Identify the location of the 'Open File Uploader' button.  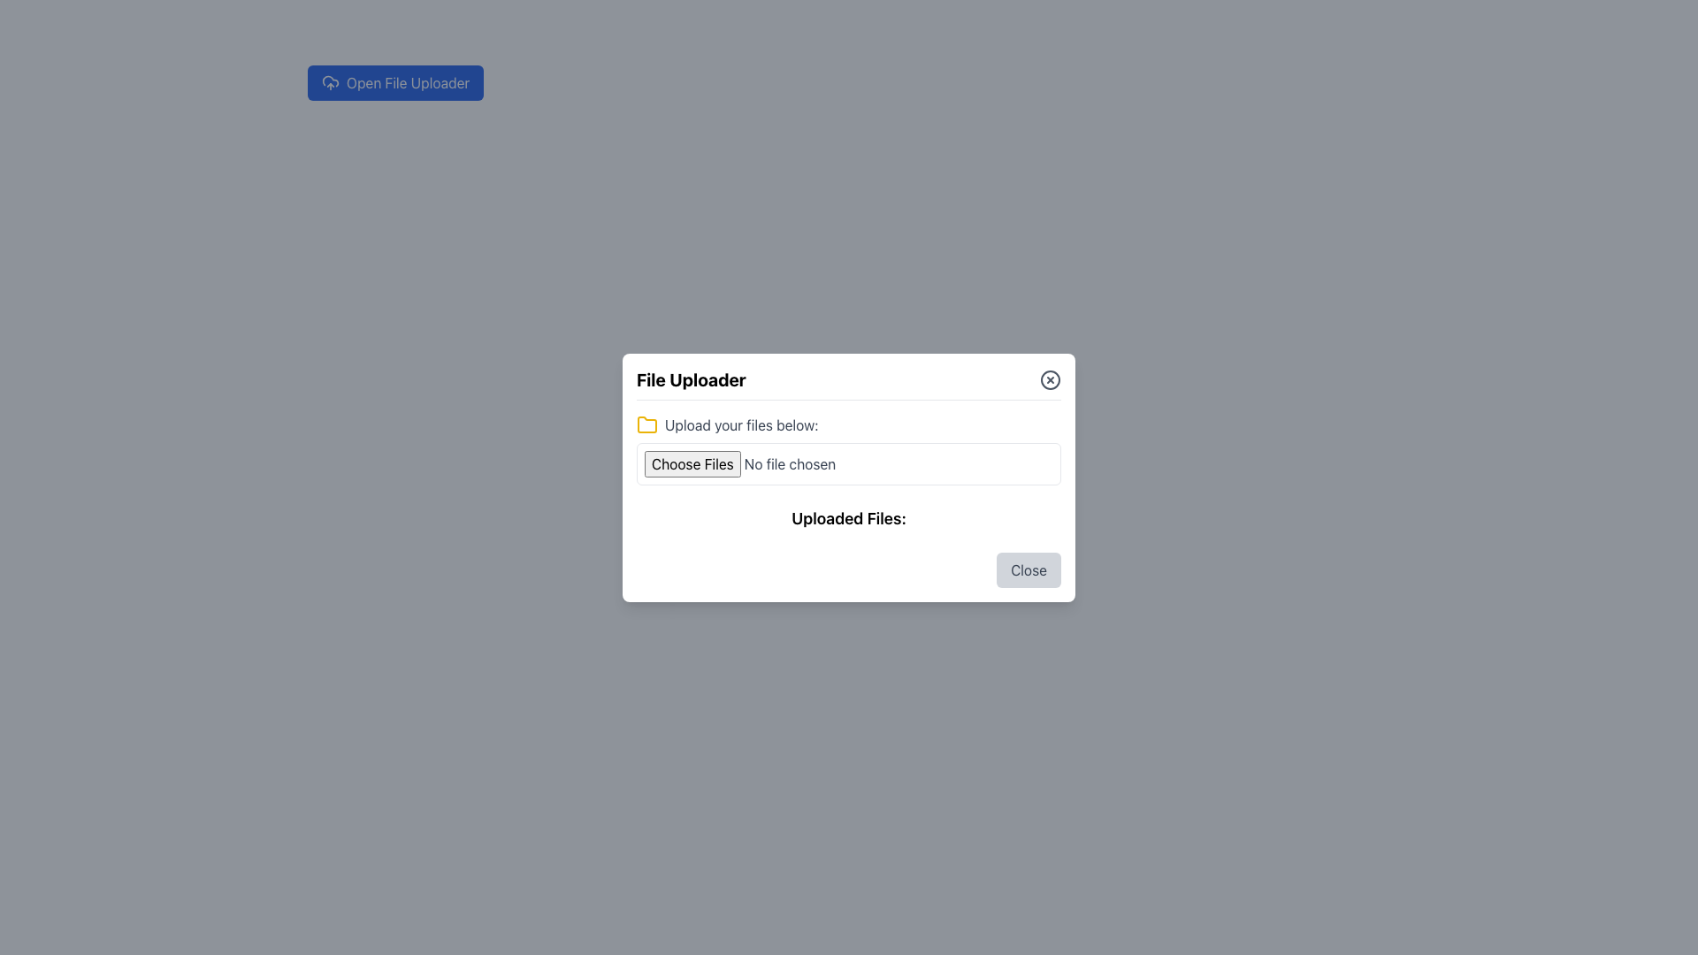
(394, 82).